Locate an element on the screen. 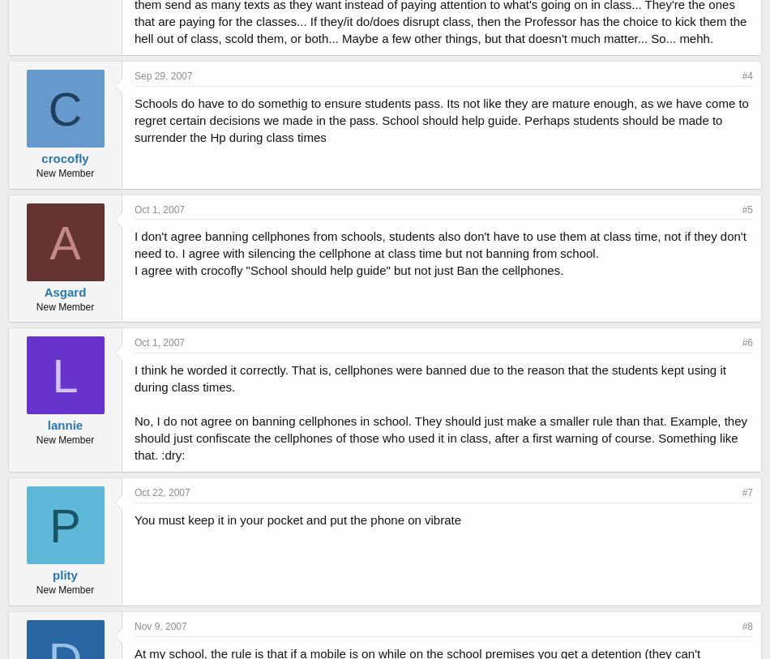  'crocofly' is located at coordinates (64, 156).